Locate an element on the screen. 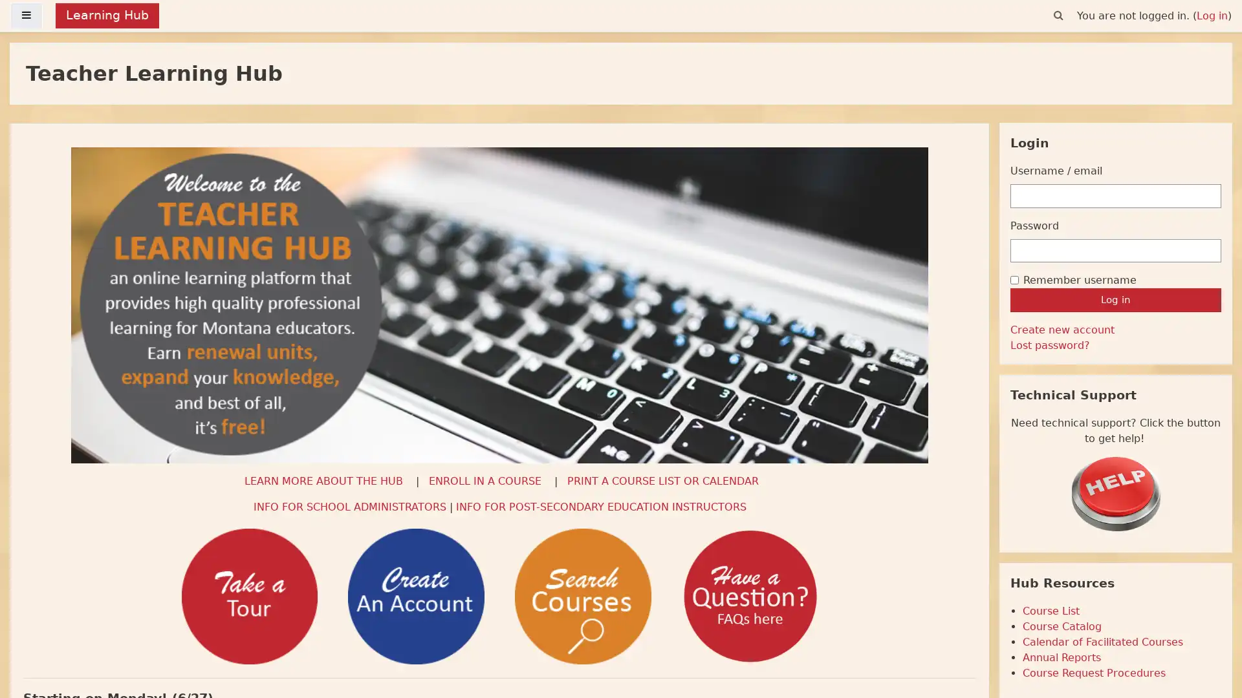 This screenshot has width=1242, height=698. Toggle search input is located at coordinates (1058, 15).